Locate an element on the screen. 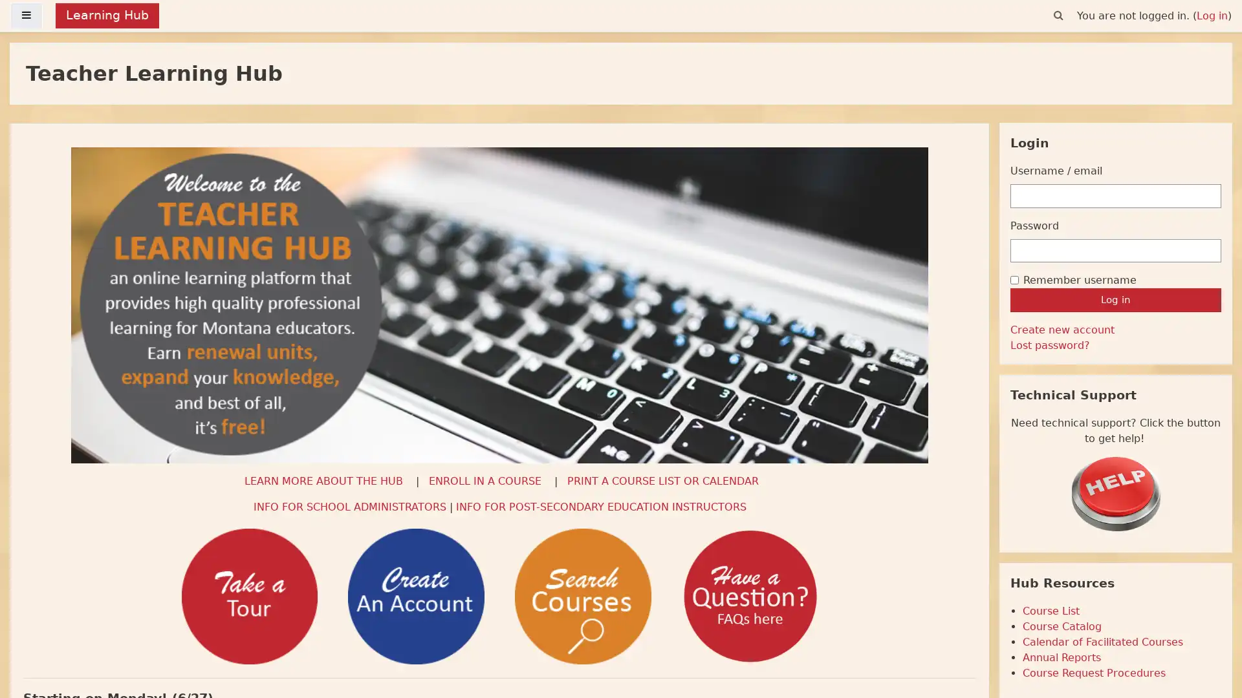 This screenshot has width=1242, height=698. Toggle search input is located at coordinates (1058, 15).